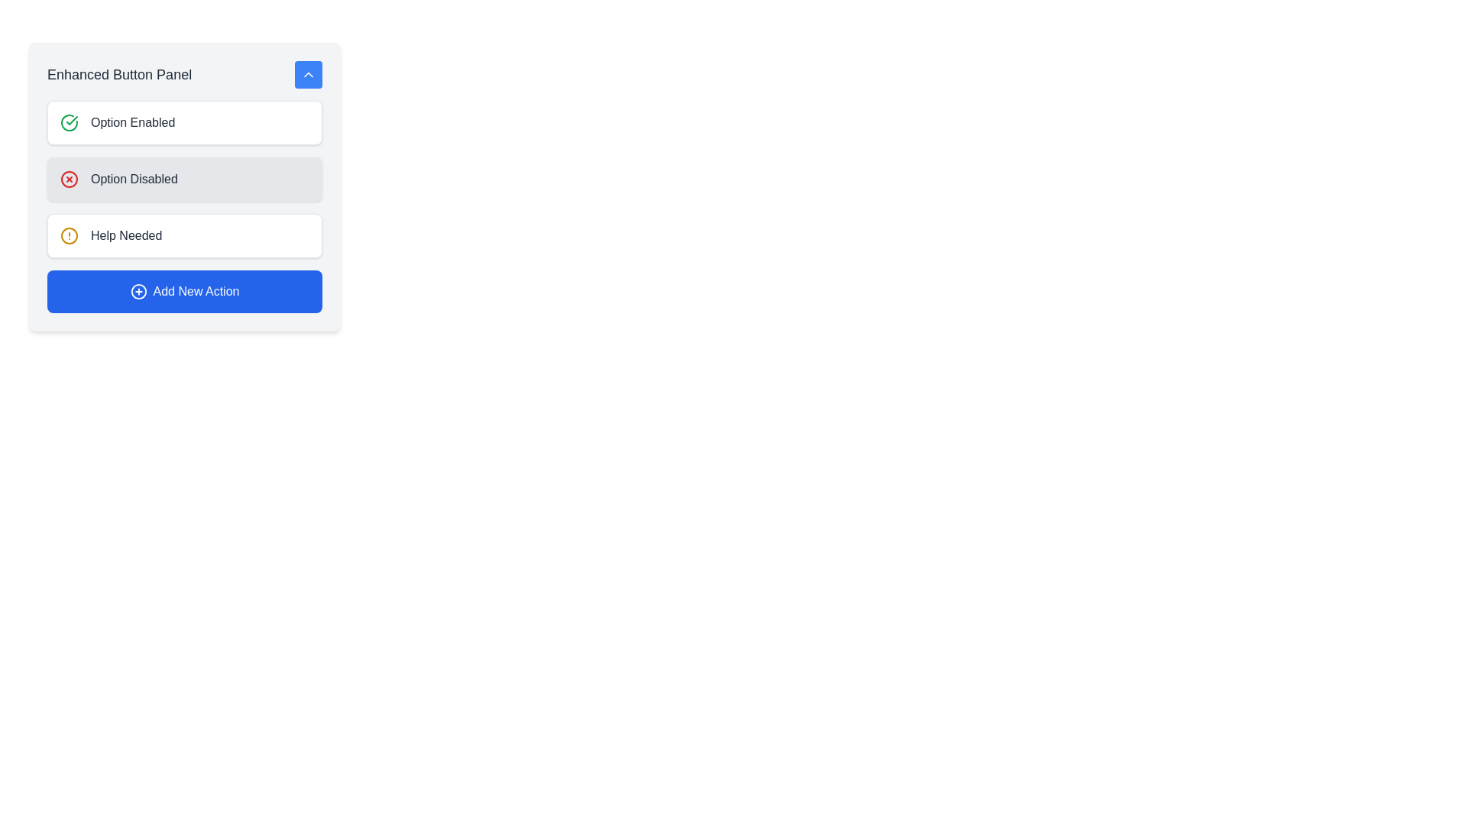 This screenshot has width=1467, height=825. I want to click on the yellow circular icon within the alert symbol located in the 'Help Needed' button area of the 'Enhanced Button Panel', so click(69, 235).